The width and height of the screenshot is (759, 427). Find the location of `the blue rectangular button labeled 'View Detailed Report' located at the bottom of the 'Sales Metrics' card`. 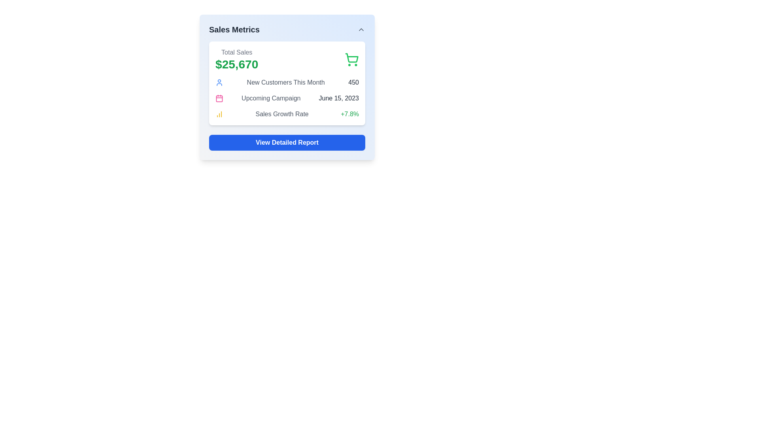

the blue rectangular button labeled 'View Detailed Report' located at the bottom of the 'Sales Metrics' card is located at coordinates (287, 143).